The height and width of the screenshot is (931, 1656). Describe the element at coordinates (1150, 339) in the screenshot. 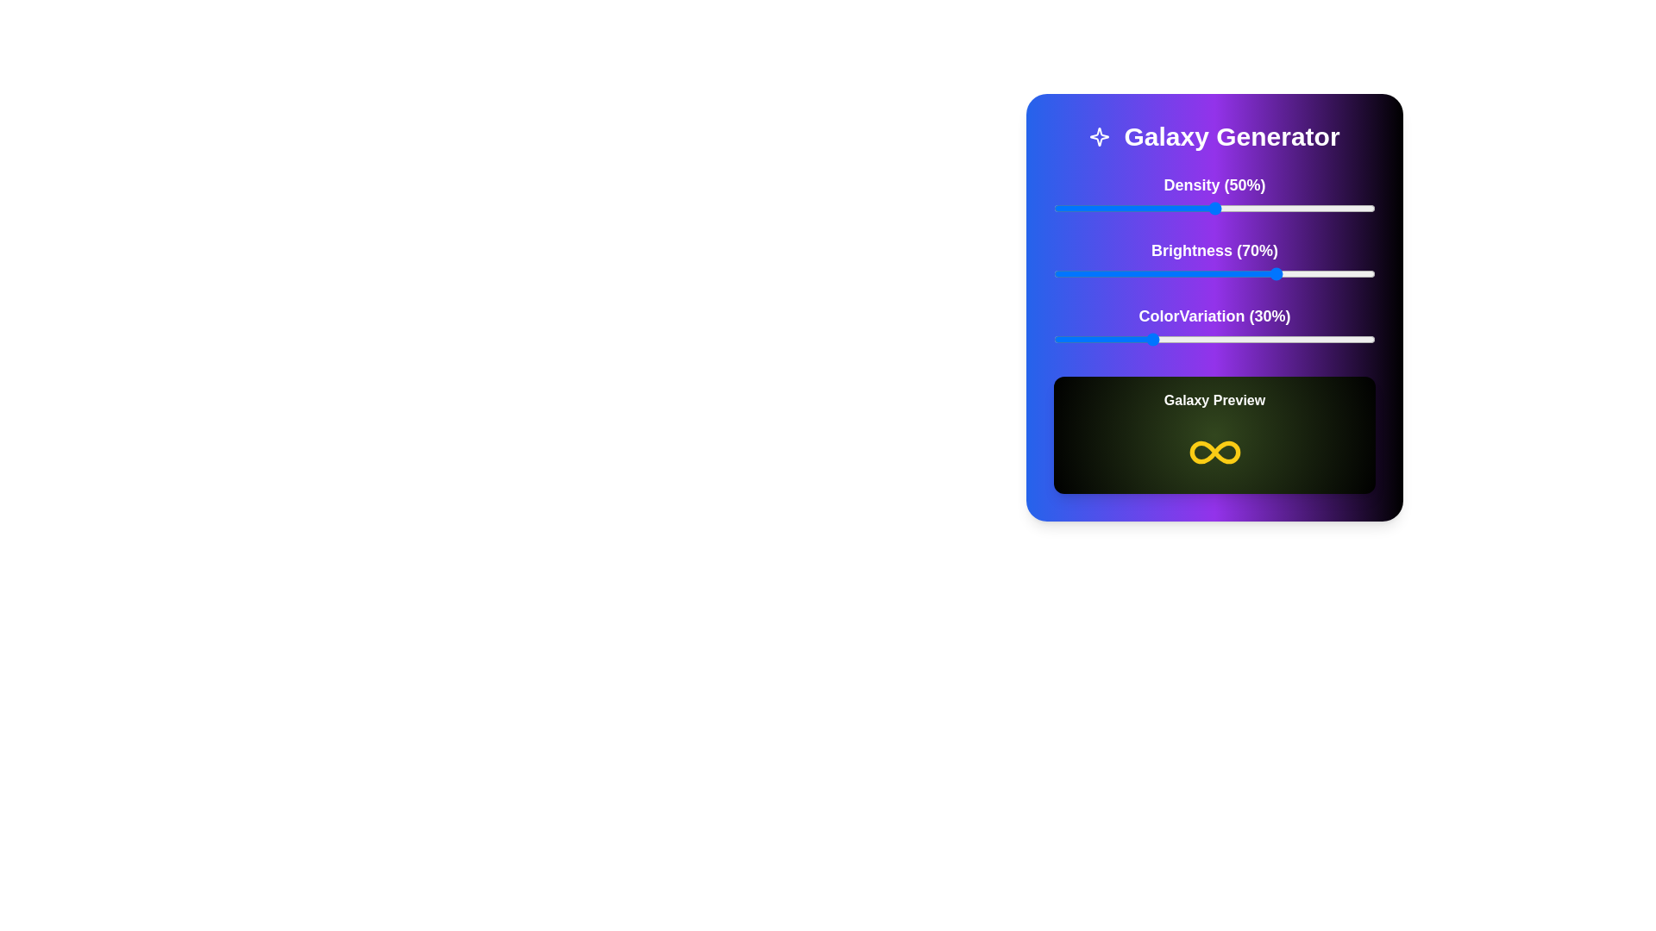

I see `the 'ColorVariation' slider to 30%` at that location.